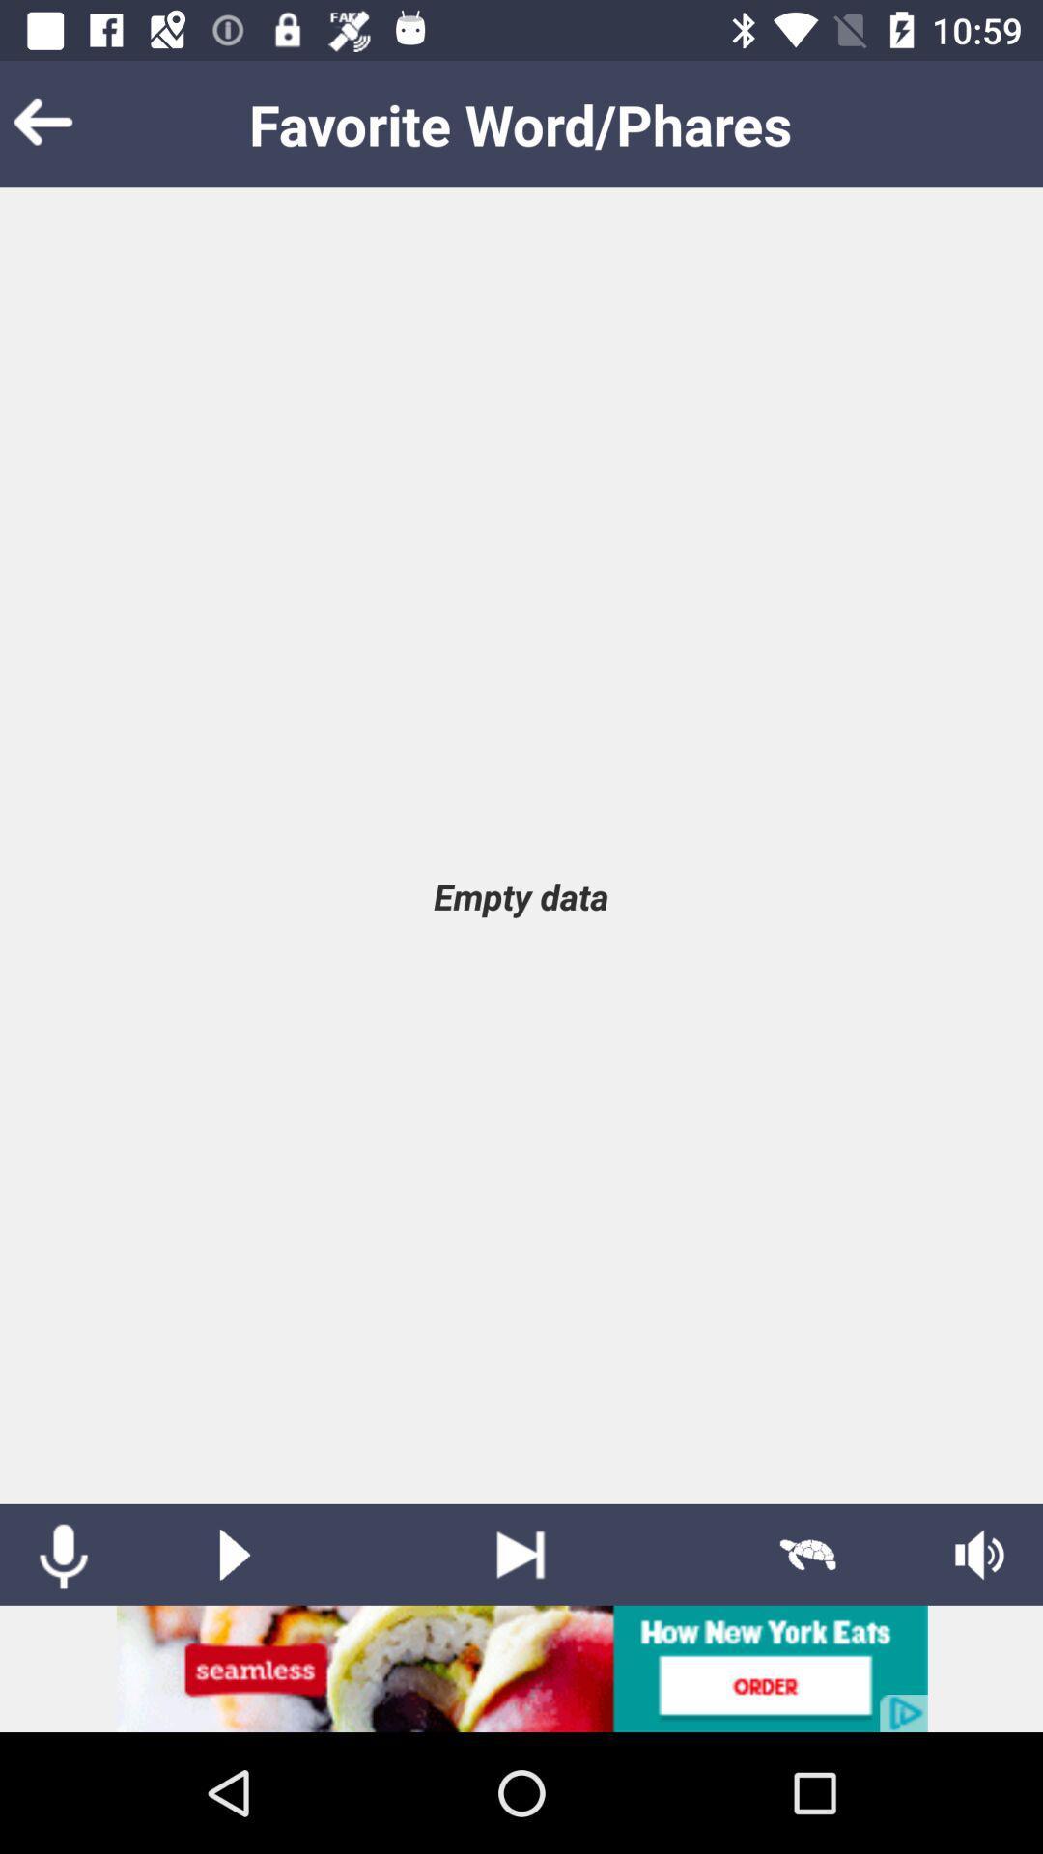  What do you see at coordinates (71, 123) in the screenshot?
I see `go back` at bounding box center [71, 123].